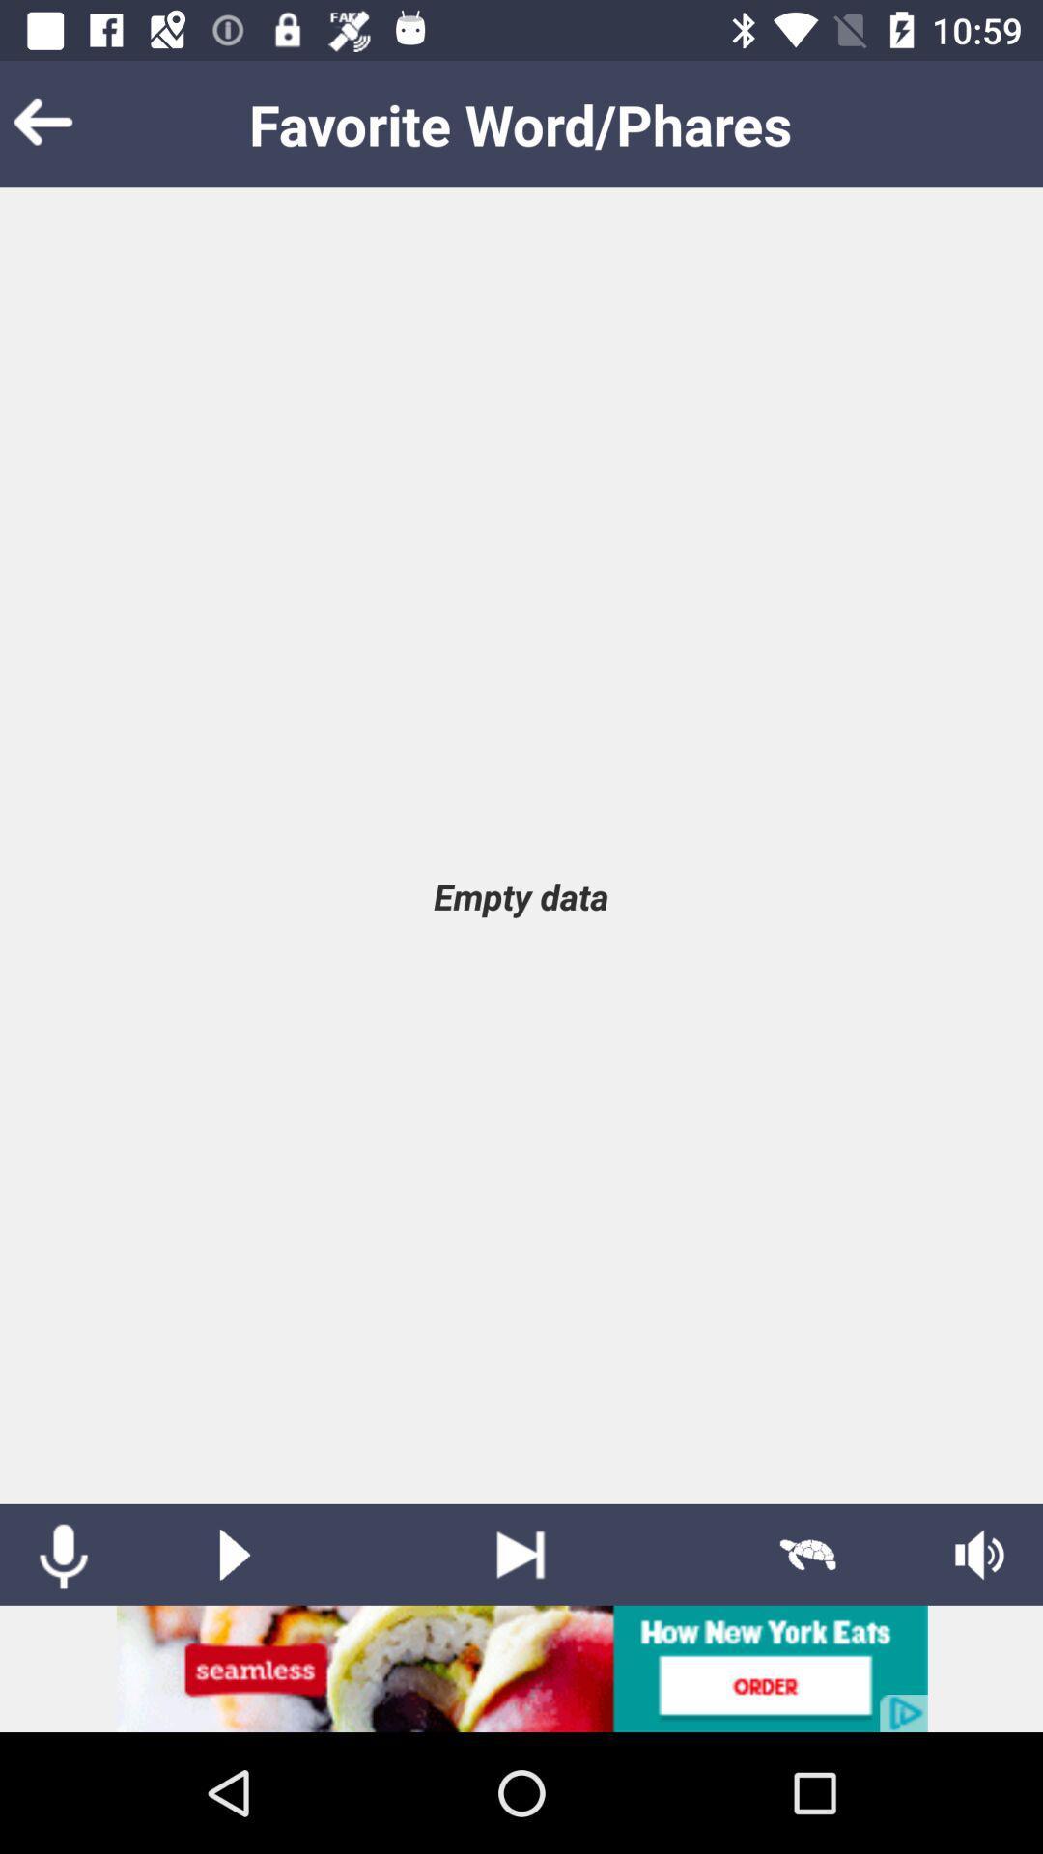  What do you see at coordinates (71, 123) in the screenshot?
I see `go back` at bounding box center [71, 123].